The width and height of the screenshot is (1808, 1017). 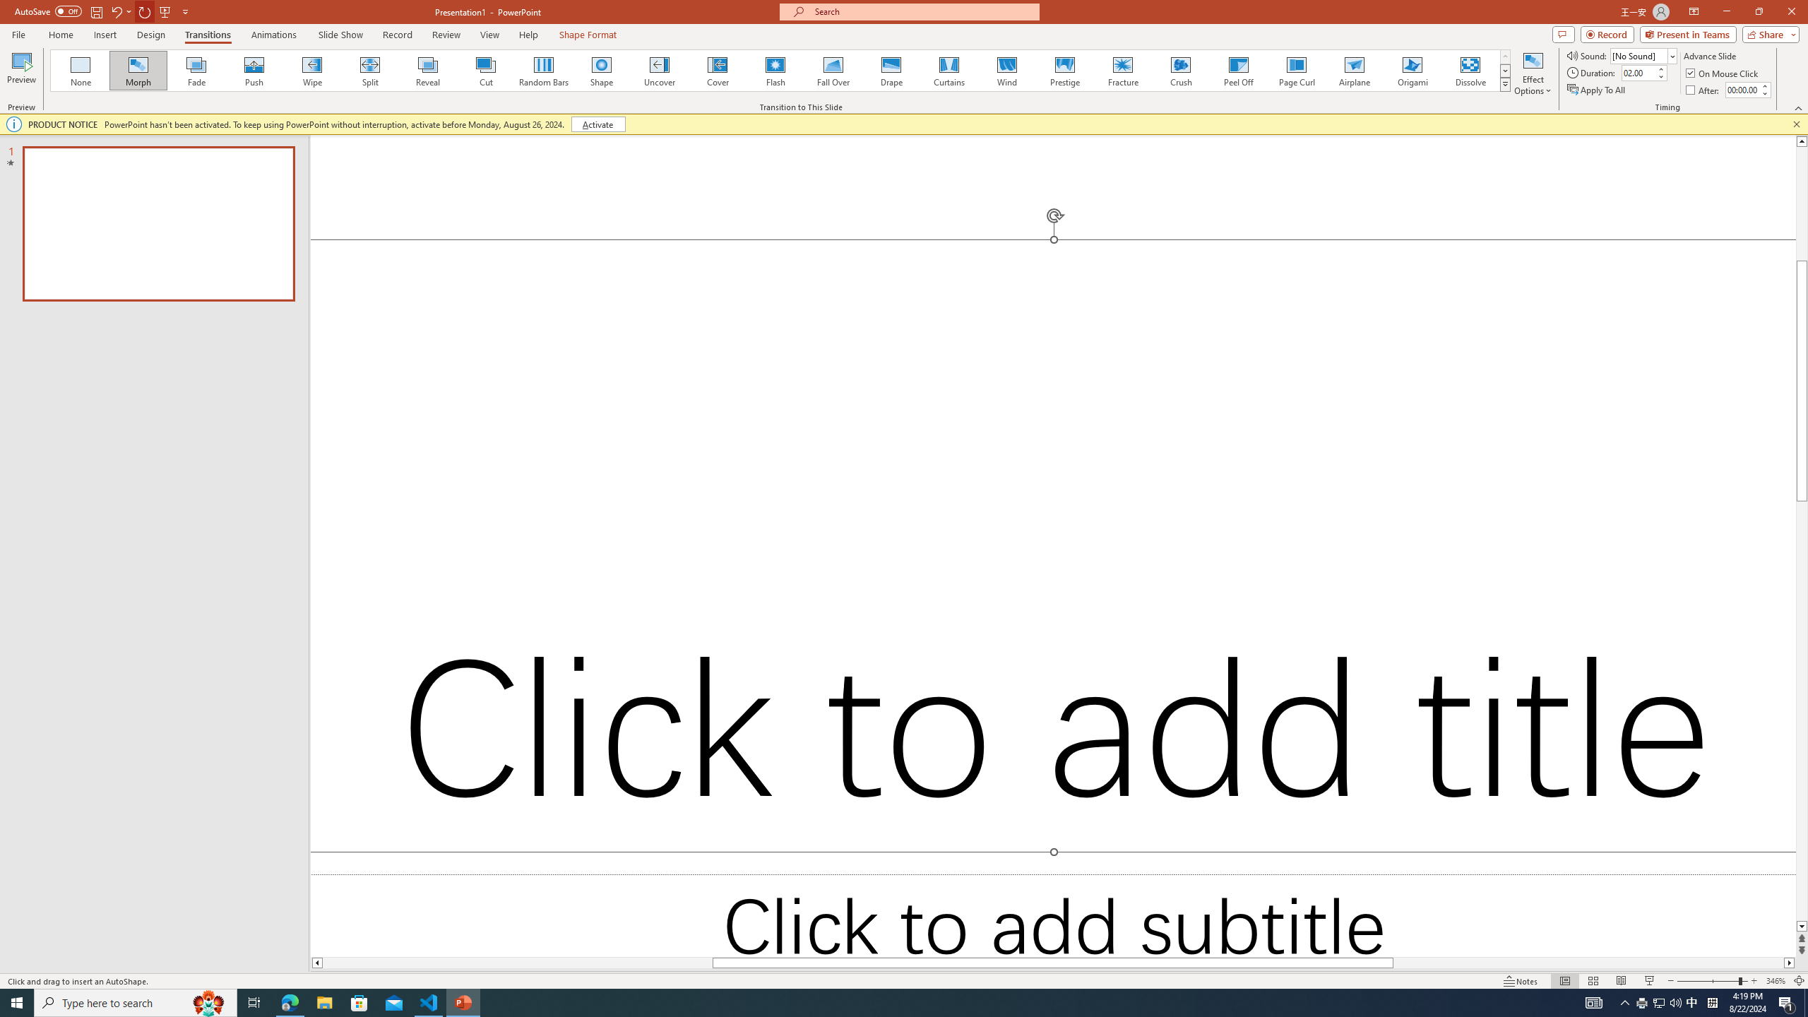 What do you see at coordinates (20, 73) in the screenshot?
I see `'Preview'` at bounding box center [20, 73].